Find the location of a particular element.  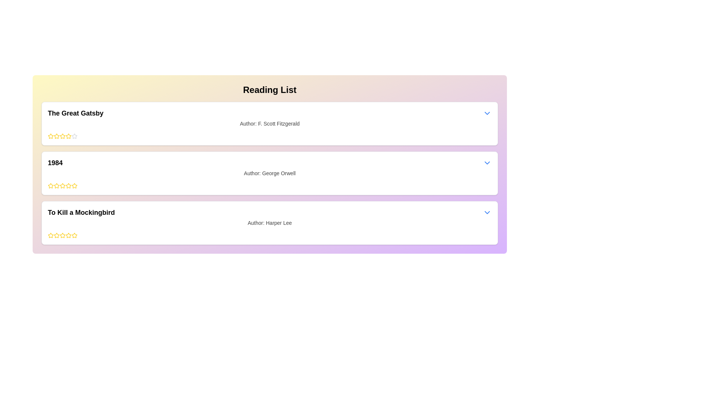

the fifth yellow star icon in the rating system for the book 'To Kill a Mockingbird' is located at coordinates (75, 236).